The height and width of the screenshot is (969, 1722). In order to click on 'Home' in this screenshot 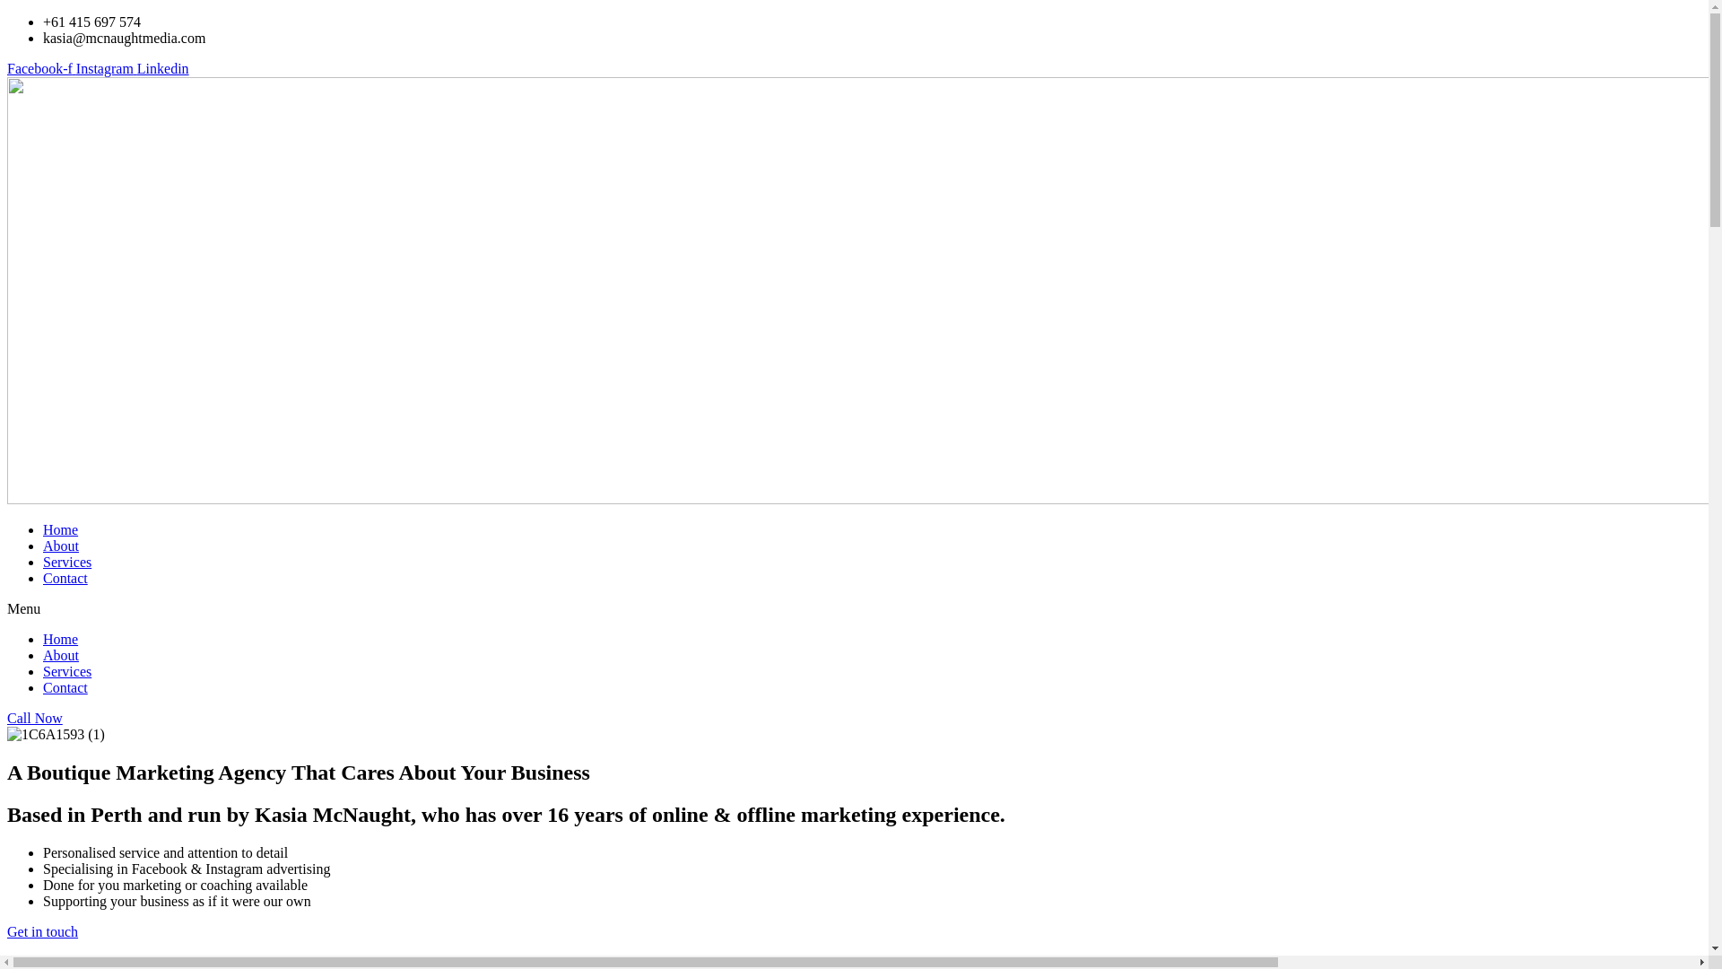, I will do `click(60, 638)`.